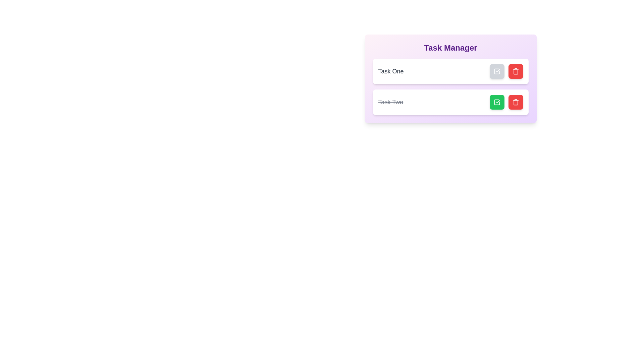 The height and width of the screenshot is (362, 644). I want to click on the delete button for task Task One, so click(515, 71).